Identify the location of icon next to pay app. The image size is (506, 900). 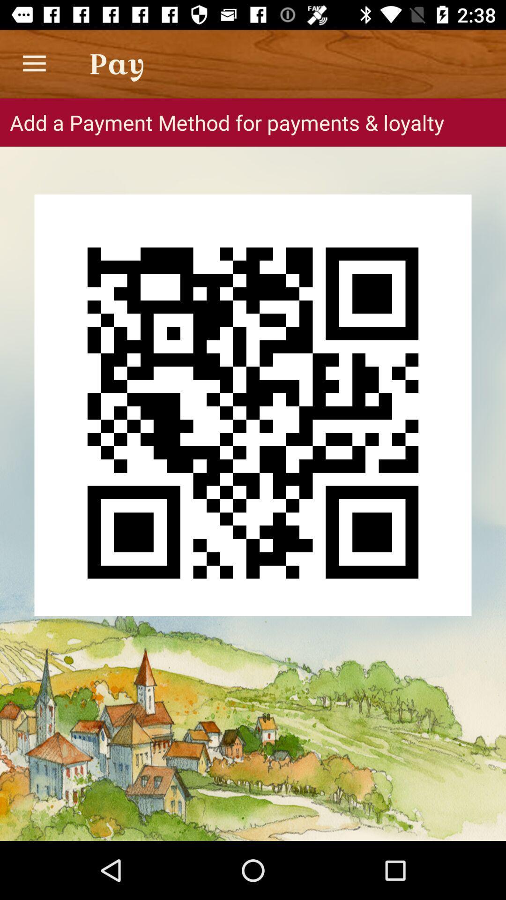
(34, 63).